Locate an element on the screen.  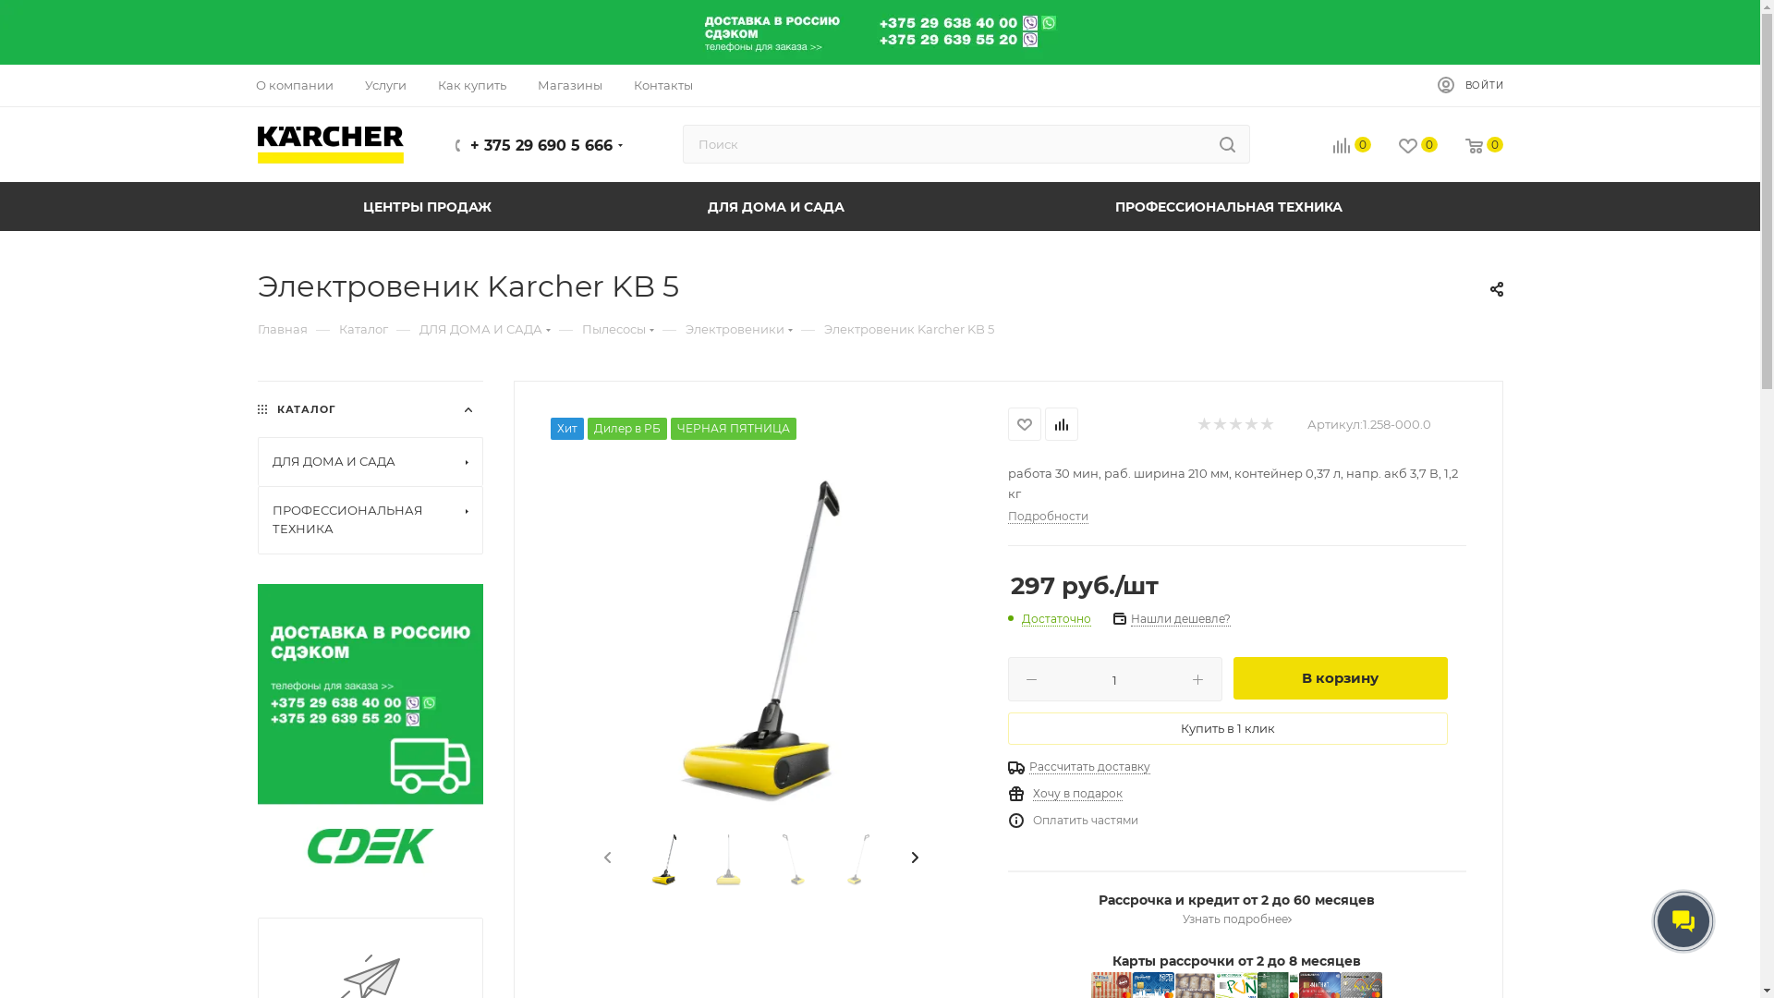
'+ 375 29 690 5 666' is located at coordinates (540, 144).